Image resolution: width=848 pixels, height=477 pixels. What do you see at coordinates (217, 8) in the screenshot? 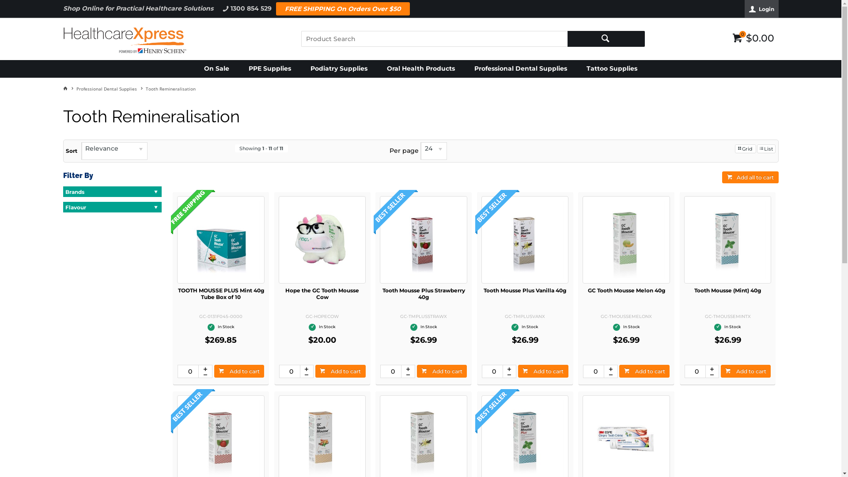
I see `'1300 854 529'` at bounding box center [217, 8].